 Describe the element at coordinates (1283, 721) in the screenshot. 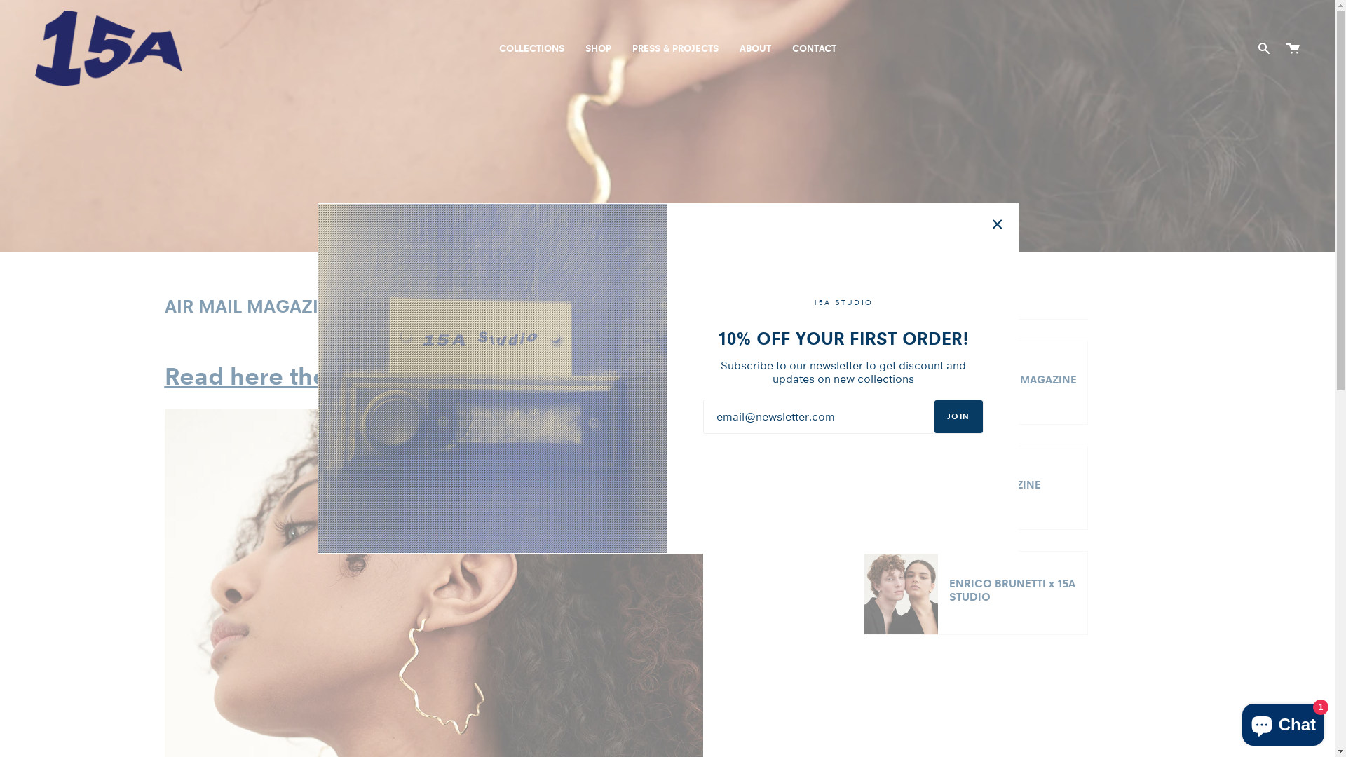

I see `'Shopify online store chat'` at that location.